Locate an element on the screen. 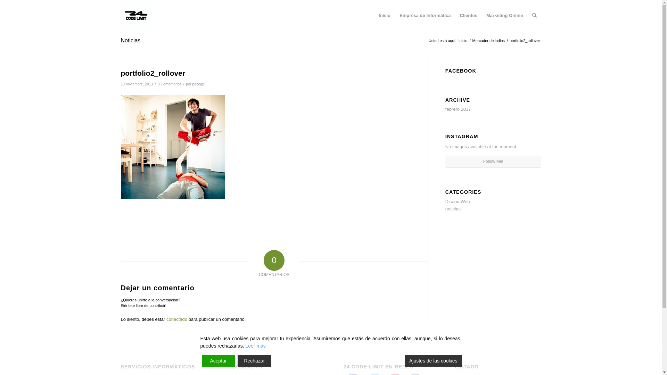 Image resolution: width=667 pixels, height=375 pixels. 'Inicio' is located at coordinates (457, 41).